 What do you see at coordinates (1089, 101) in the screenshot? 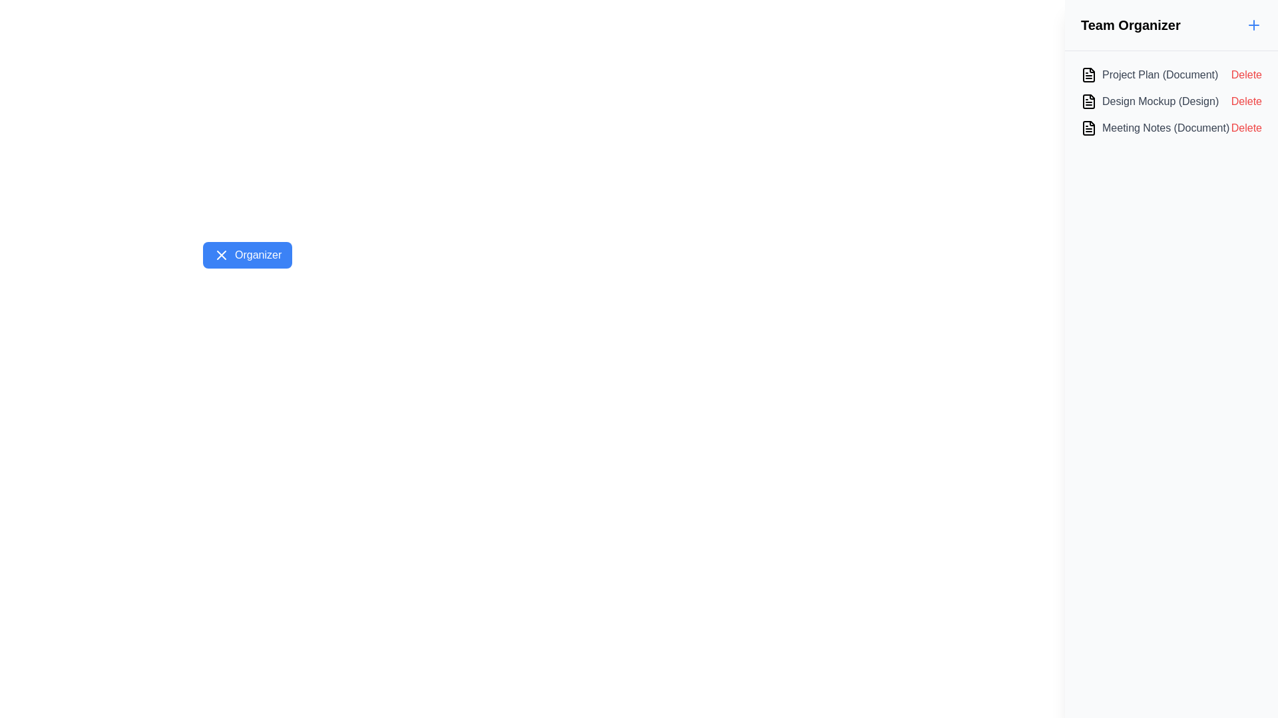
I see `the small document icon with a folded corner, associated with the text 'Design Mockup (Design)', located in the second row of the vertical list in the right sidebar` at bounding box center [1089, 101].